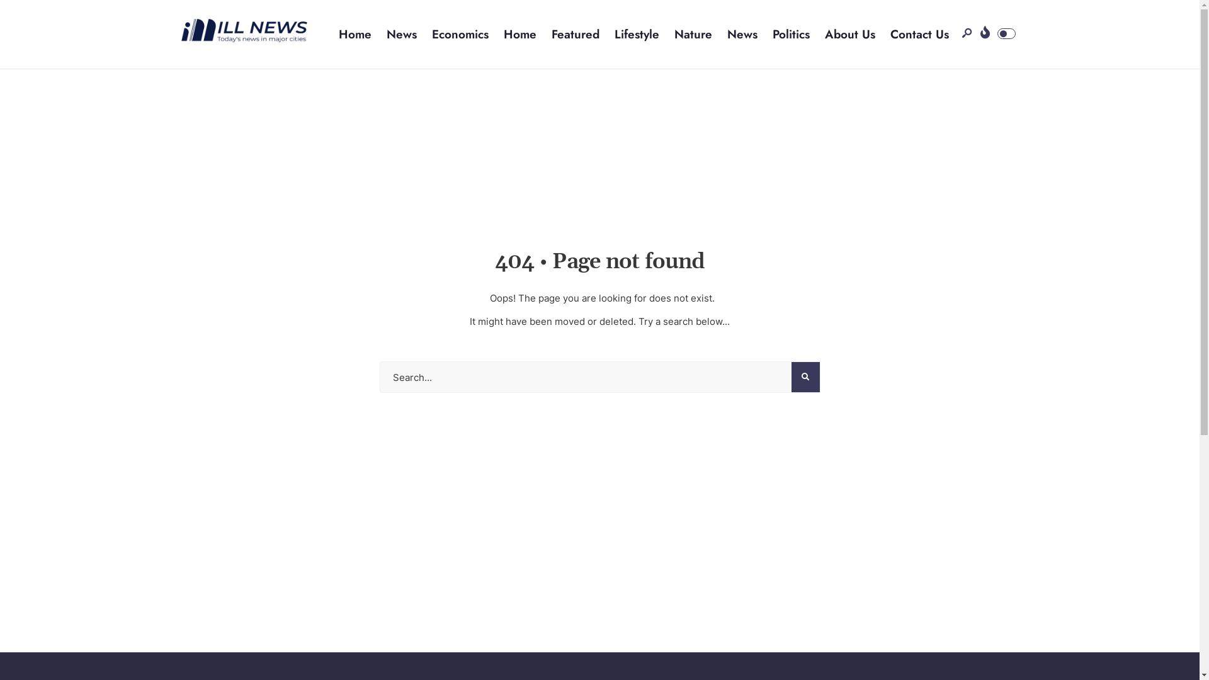 Image resolution: width=1209 pixels, height=680 pixels. Describe the element at coordinates (574, 33) in the screenshot. I see `'Featured'` at that location.